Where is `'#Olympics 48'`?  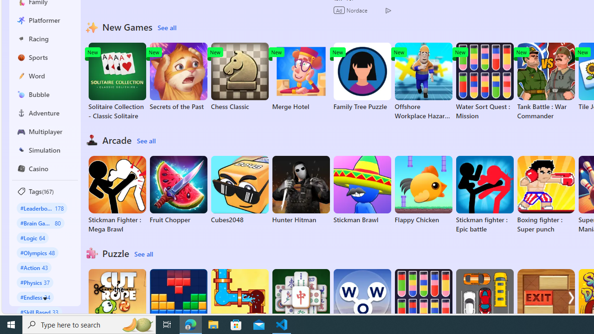 '#Olympics 48' is located at coordinates (37, 252).